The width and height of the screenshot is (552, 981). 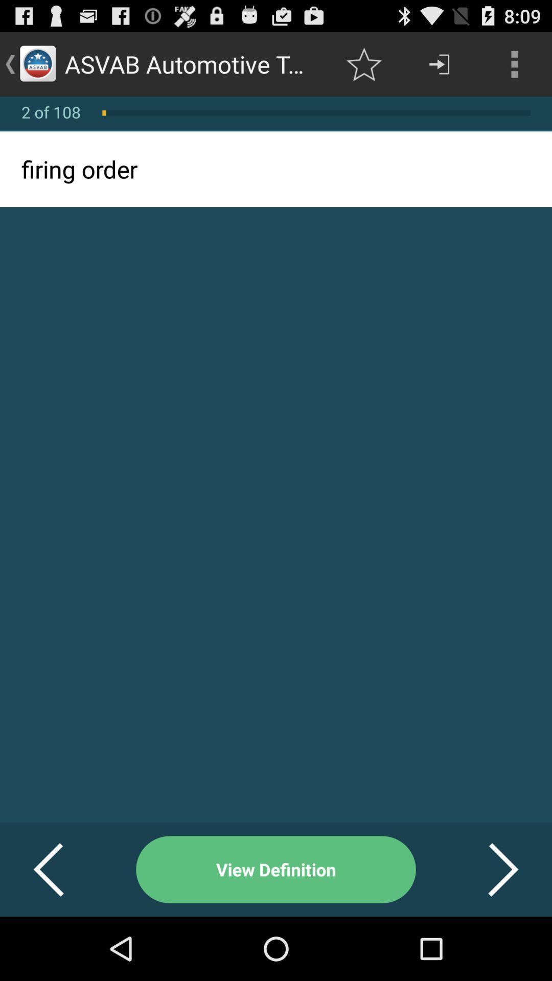 I want to click on the icon at the bottom left corner, so click(x=61, y=869).